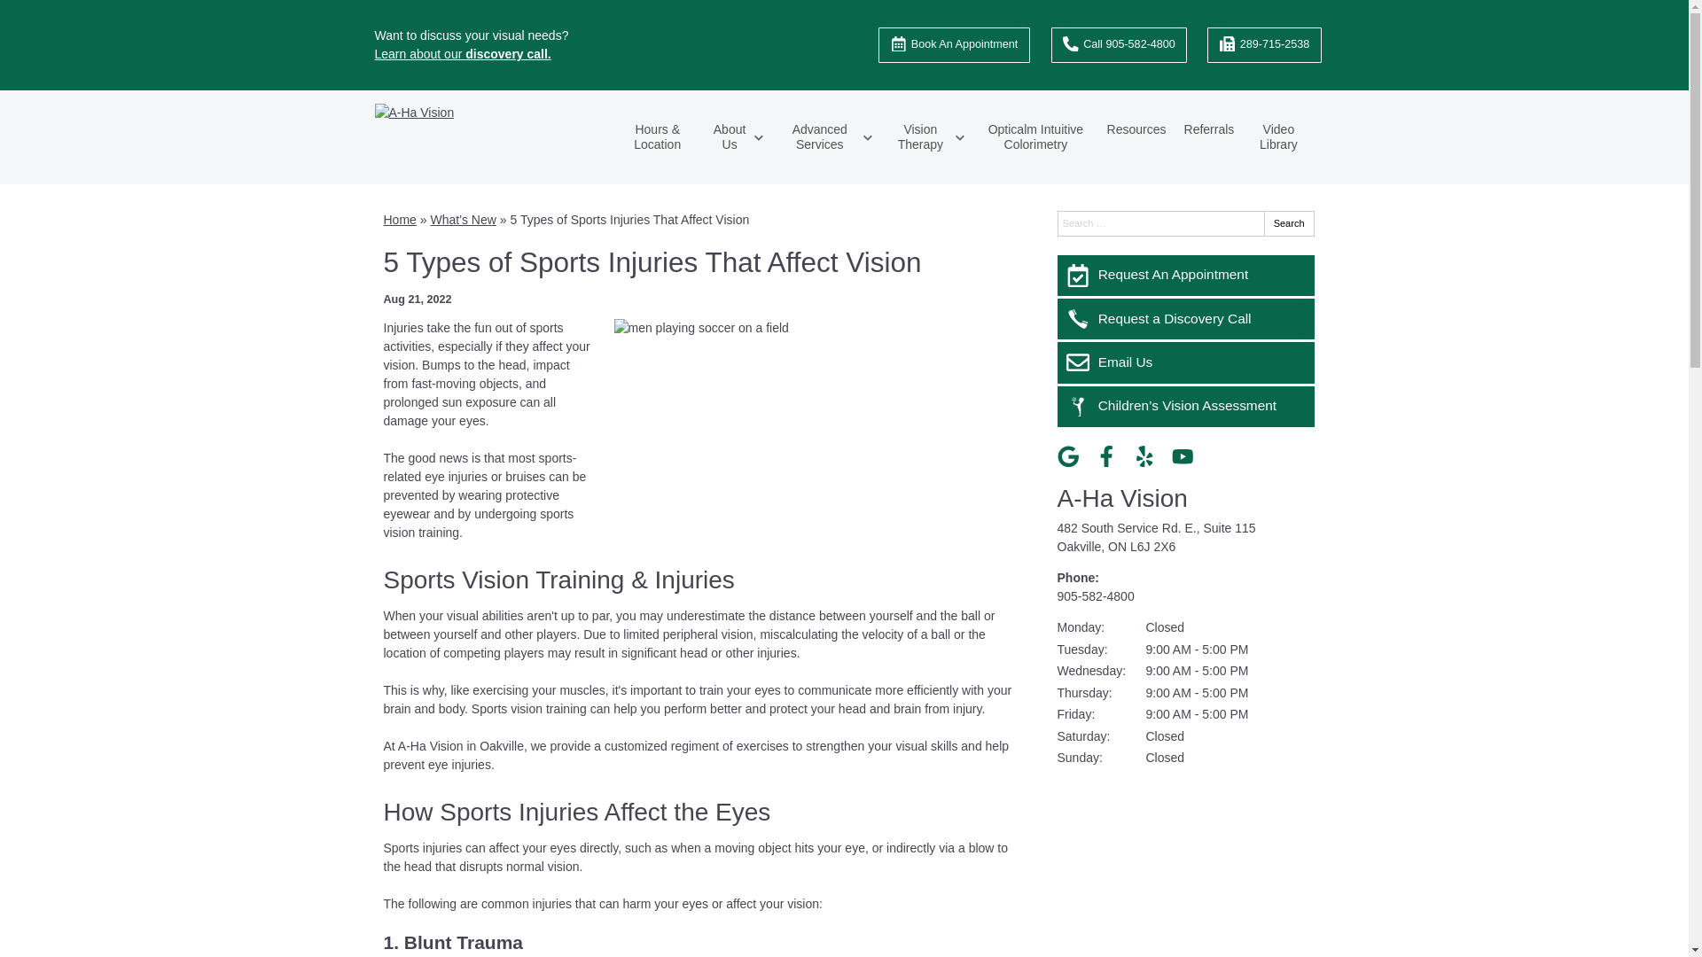  Describe the element at coordinates (656, 136) in the screenshot. I see `'Hours & Location'` at that location.